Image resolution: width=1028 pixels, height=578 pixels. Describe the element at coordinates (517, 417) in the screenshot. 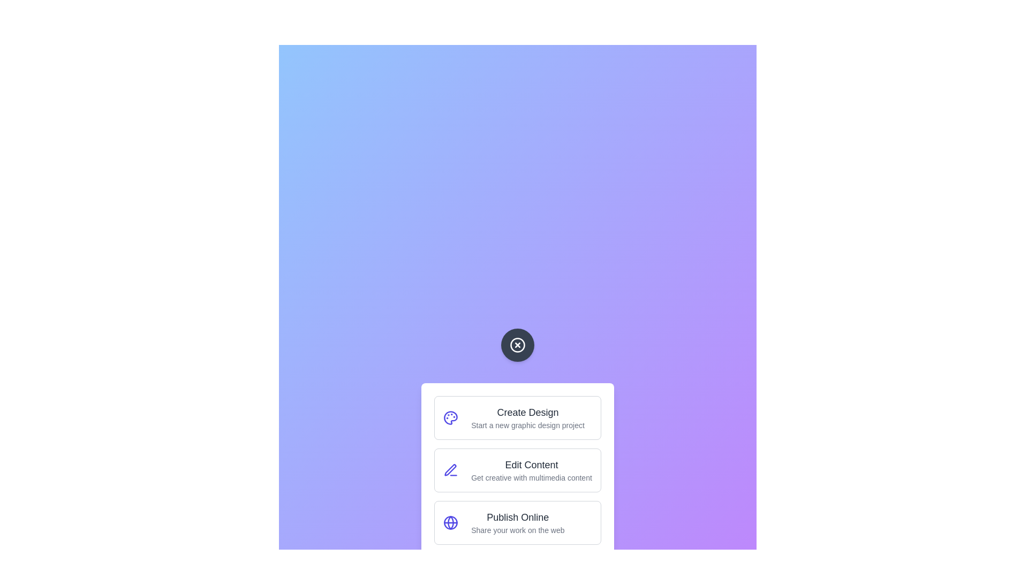

I see `the action item Create Design` at that location.